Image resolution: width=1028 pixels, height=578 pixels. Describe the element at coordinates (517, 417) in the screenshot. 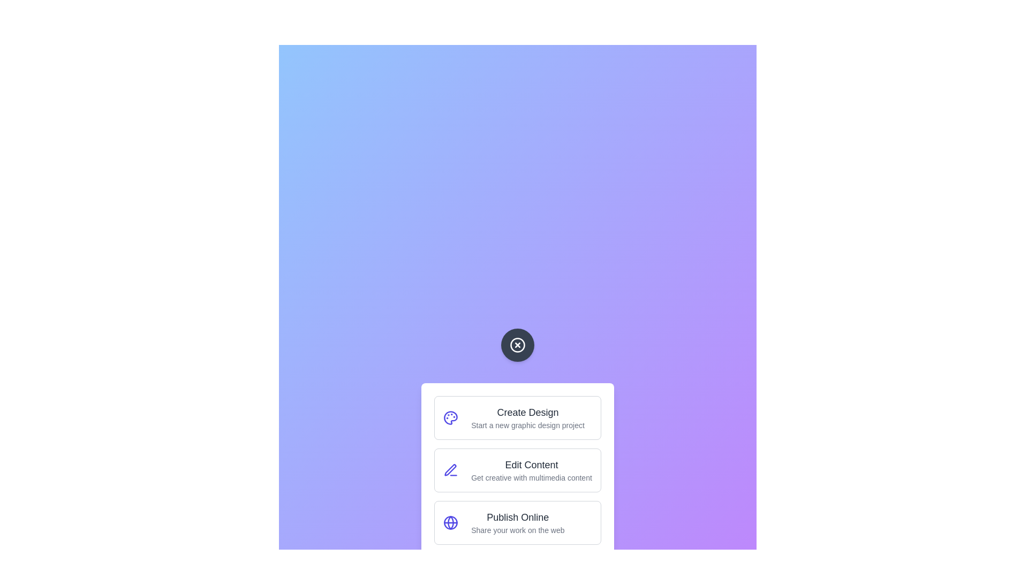

I see `the action item Create Design` at that location.